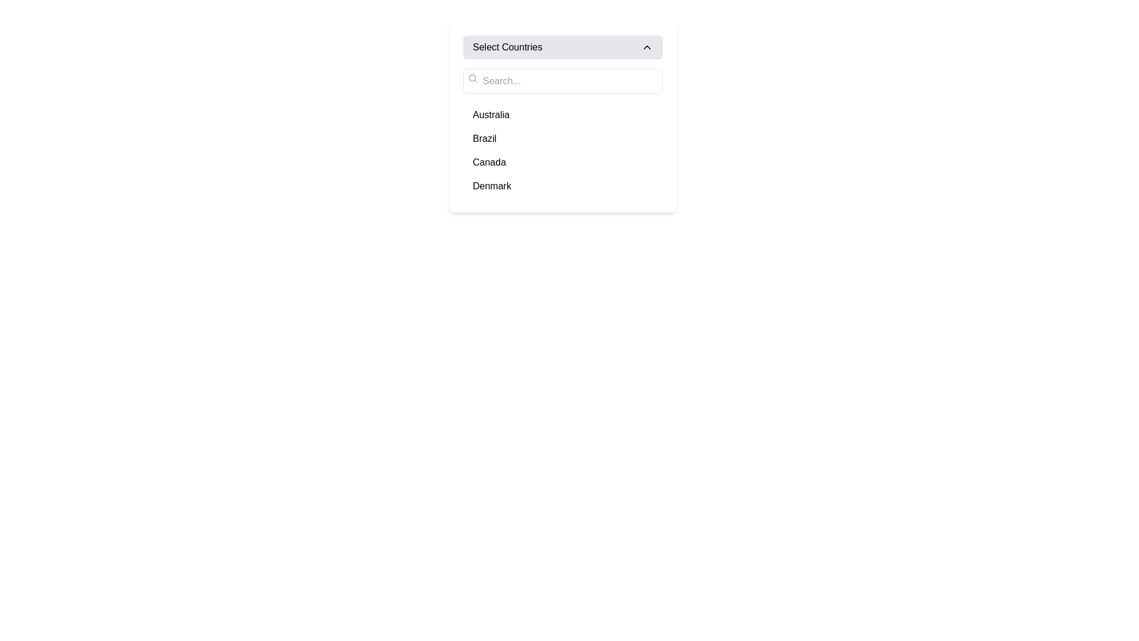 This screenshot has height=641, width=1139. Describe the element at coordinates (562, 186) in the screenshot. I see `the fourth item in the dropdown menu that represents 'Denmark'` at that location.